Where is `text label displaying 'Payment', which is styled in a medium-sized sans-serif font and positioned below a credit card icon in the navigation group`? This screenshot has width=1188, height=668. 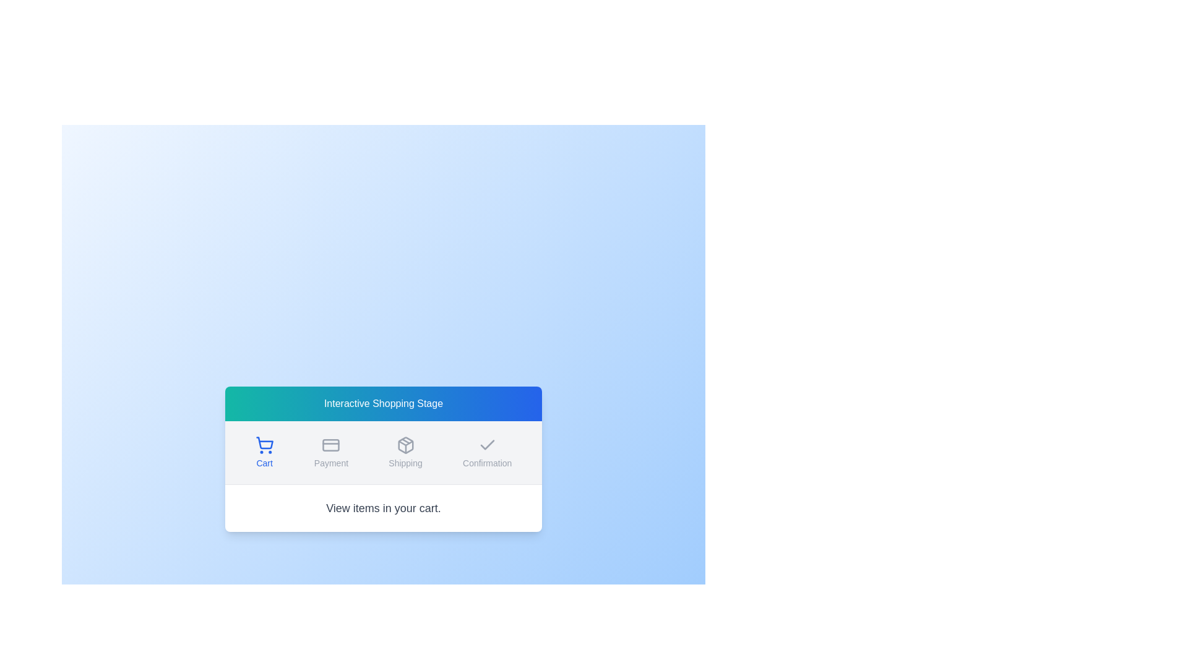
text label displaying 'Payment', which is styled in a medium-sized sans-serif font and positioned below a credit card icon in the navigation group is located at coordinates (331, 463).